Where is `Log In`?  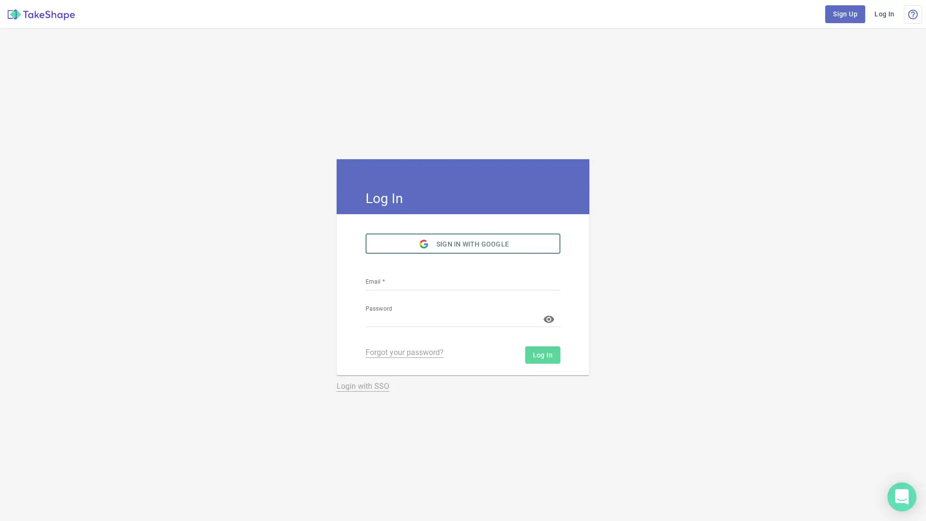 Log In is located at coordinates (542, 355).